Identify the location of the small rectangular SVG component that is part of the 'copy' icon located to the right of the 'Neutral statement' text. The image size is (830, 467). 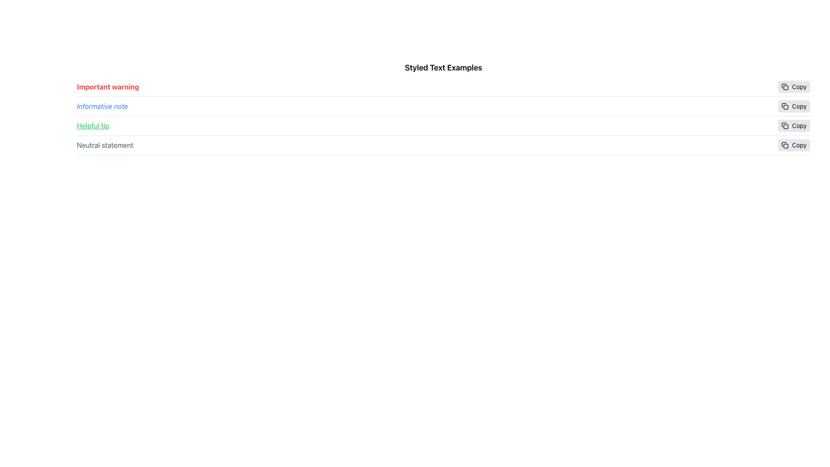
(786, 146).